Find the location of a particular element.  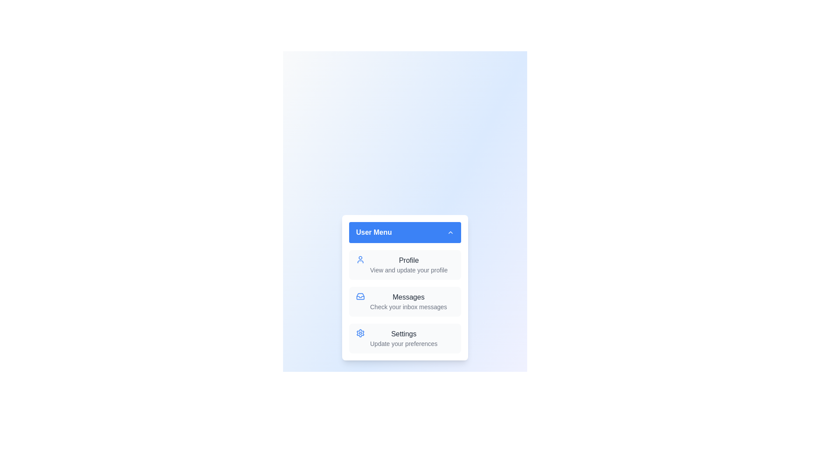

the menu item Messages to highlight it is located at coordinates (405, 301).